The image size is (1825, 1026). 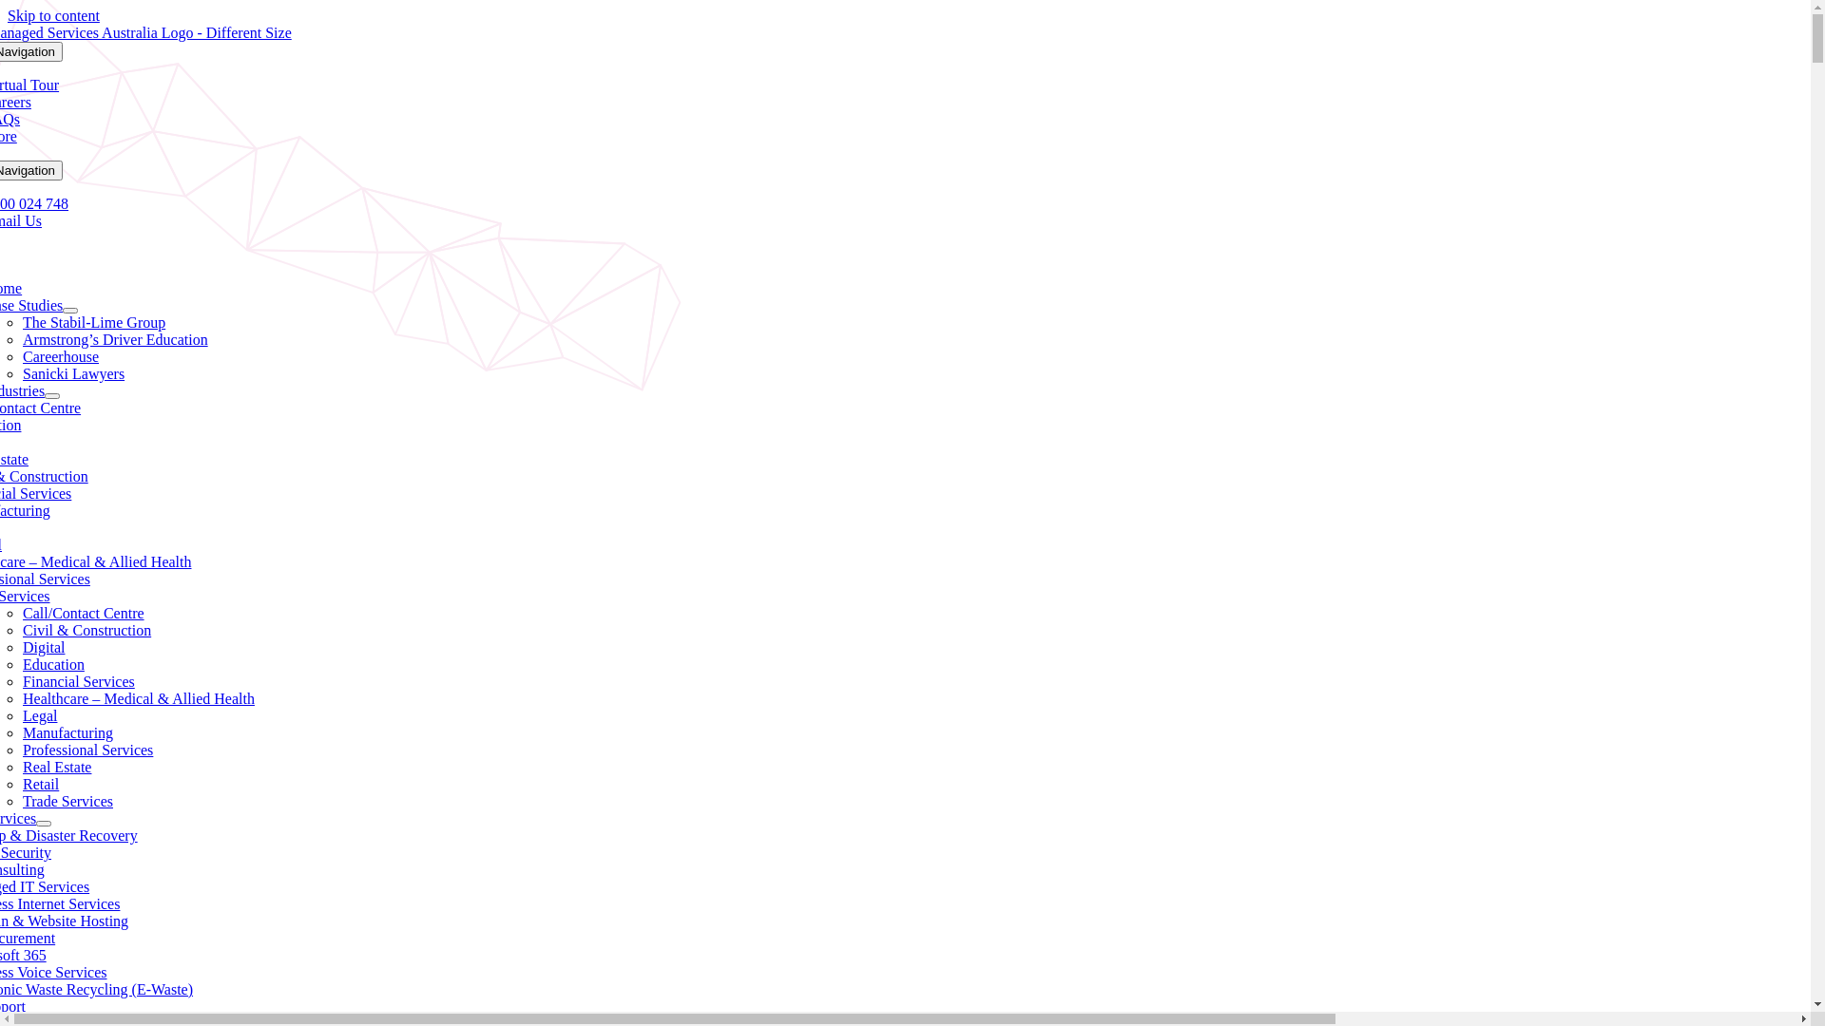 I want to click on 'Retail', so click(x=23, y=784).